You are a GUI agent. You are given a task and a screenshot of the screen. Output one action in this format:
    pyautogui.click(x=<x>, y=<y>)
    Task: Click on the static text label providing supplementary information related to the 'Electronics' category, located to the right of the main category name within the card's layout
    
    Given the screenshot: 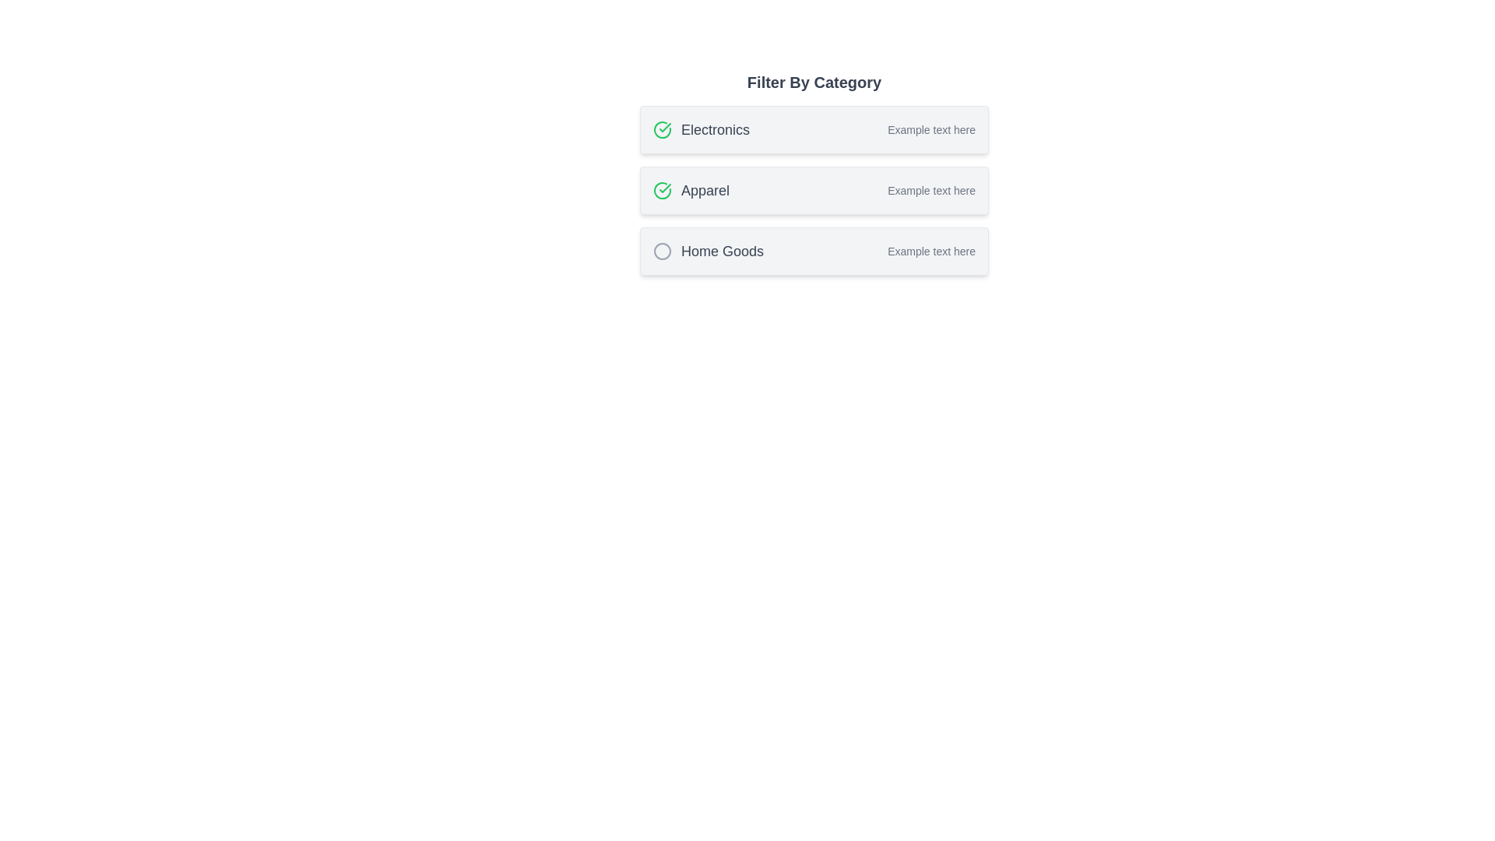 What is the action you would take?
    pyautogui.click(x=931, y=128)
    